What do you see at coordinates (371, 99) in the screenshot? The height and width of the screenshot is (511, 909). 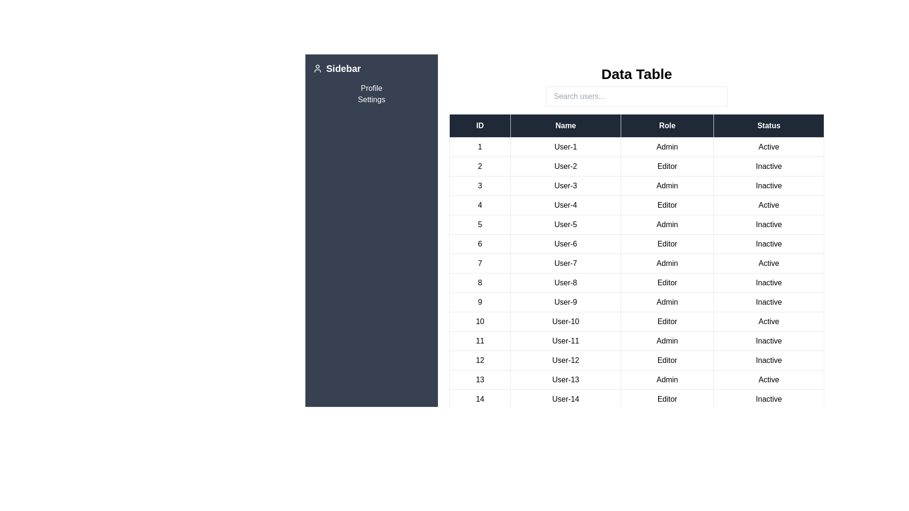 I see `the sidebar link Settings to navigate` at bounding box center [371, 99].